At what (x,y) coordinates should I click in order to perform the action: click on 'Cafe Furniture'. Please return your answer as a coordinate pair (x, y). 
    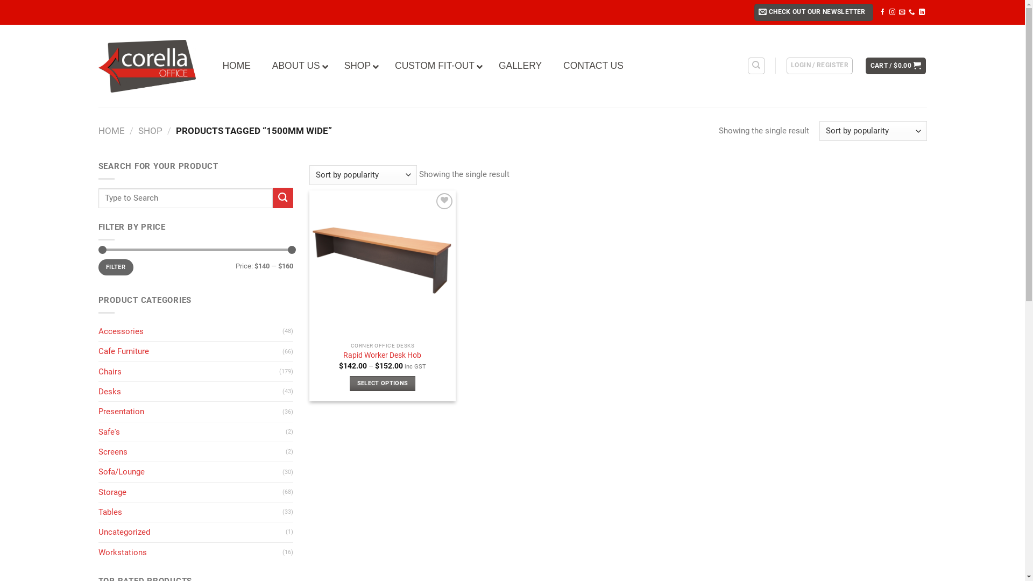
    Looking at the image, I should click on (190, 351).